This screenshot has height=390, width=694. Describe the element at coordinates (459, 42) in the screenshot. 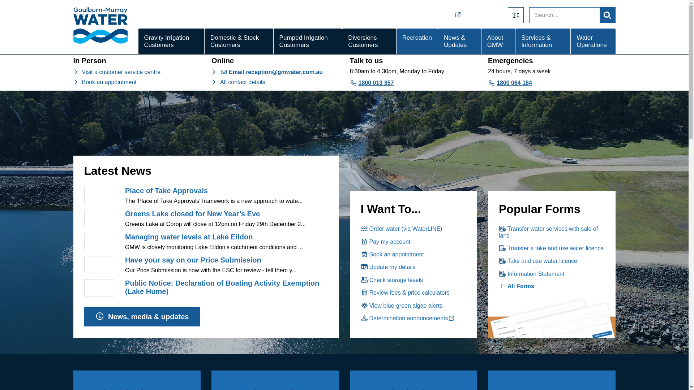

I see `'News & Updates'` at that location.